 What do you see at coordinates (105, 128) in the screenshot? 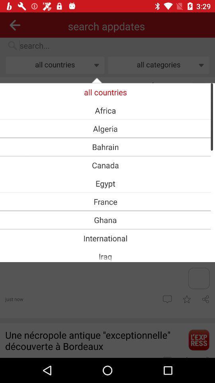
I see `icon above the bahrain icon` at bounding box center [105, 128].